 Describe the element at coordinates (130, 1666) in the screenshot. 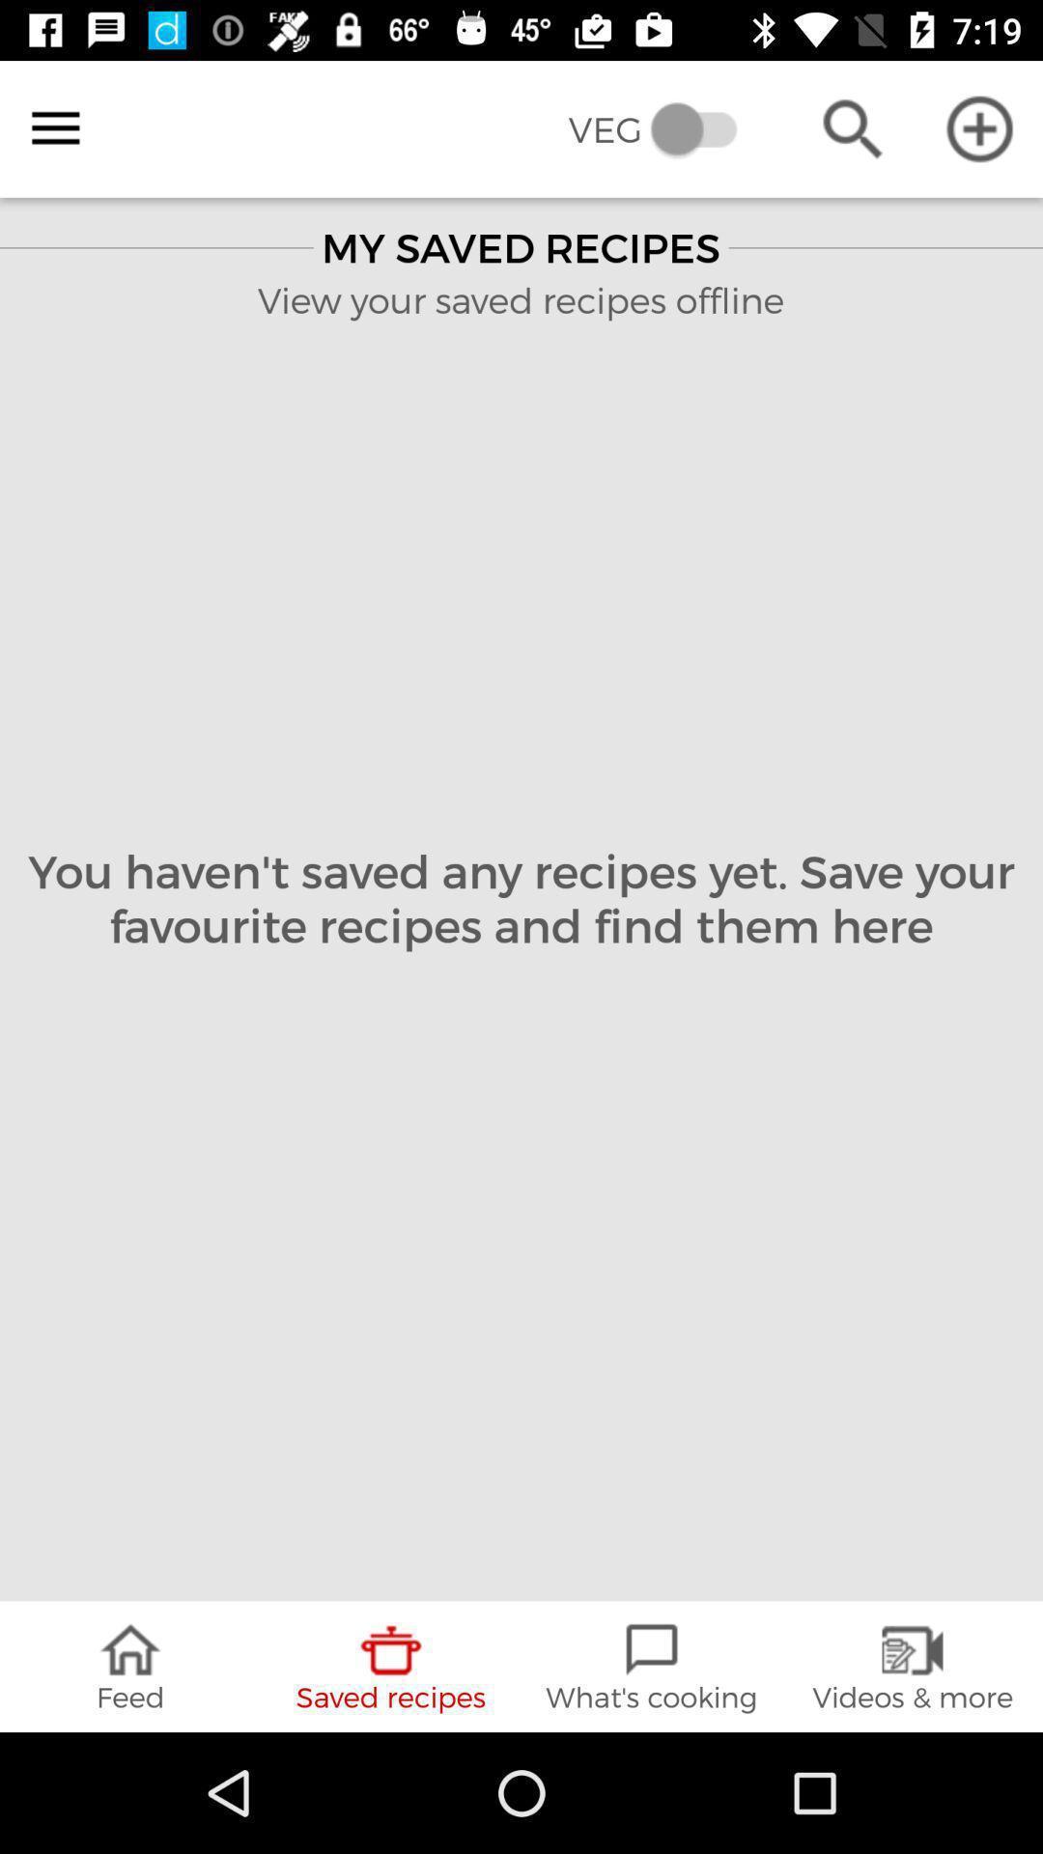

I see `icon next to saved recipes icon` at that location.